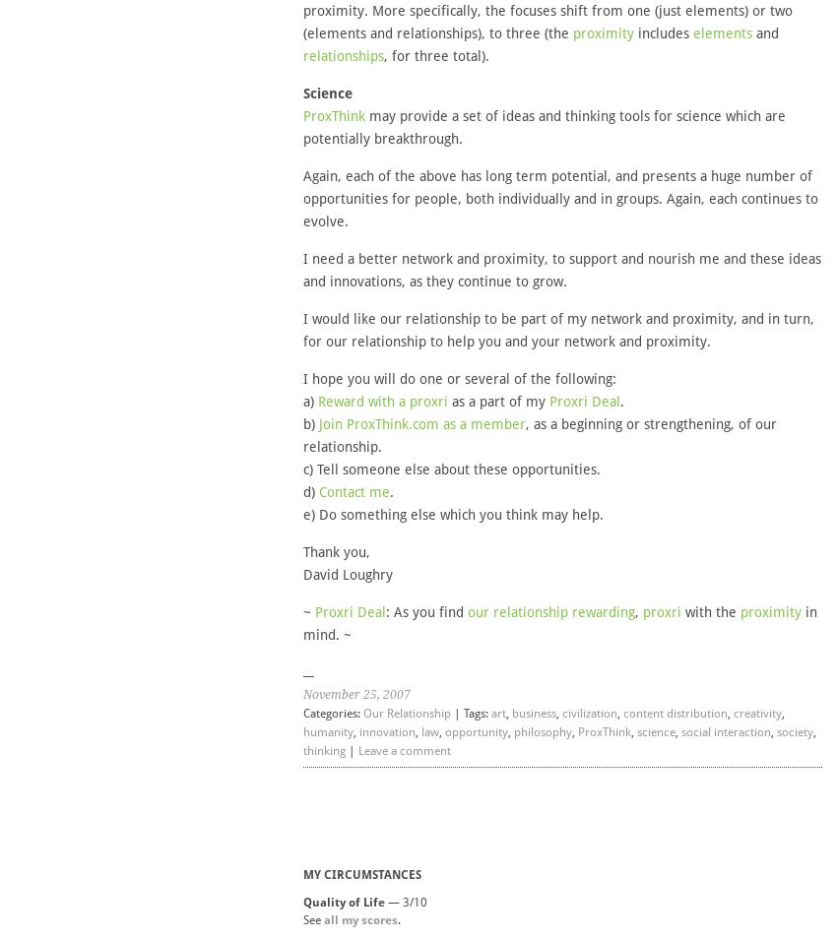 The width and height of the screenshot is (837, 940). What do you see at coordinates (424, 611) in the screenshot?
I see `': As you find'` at bounding box center [424, 611].